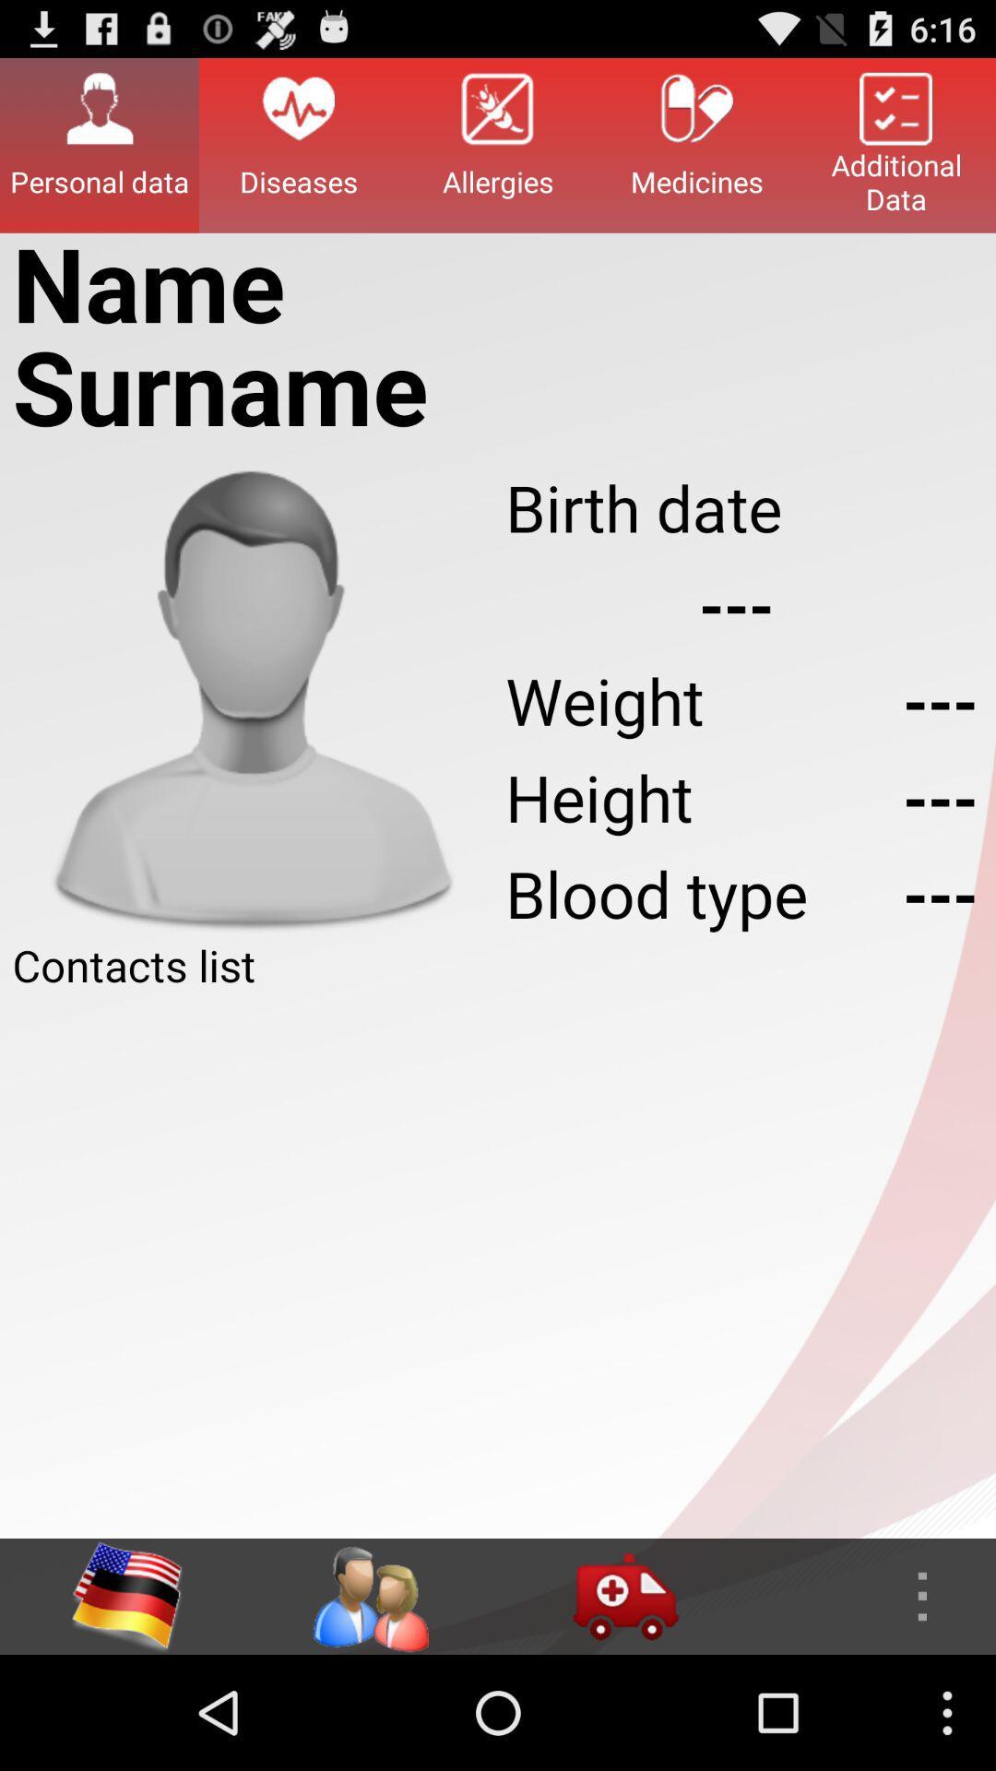 Image resolution: width=996 pixels, height=1771 pixels. What do you see at coordinates (498, 1266) in the screenshot?
I see `comment box` at bounding box center [498, 1266].